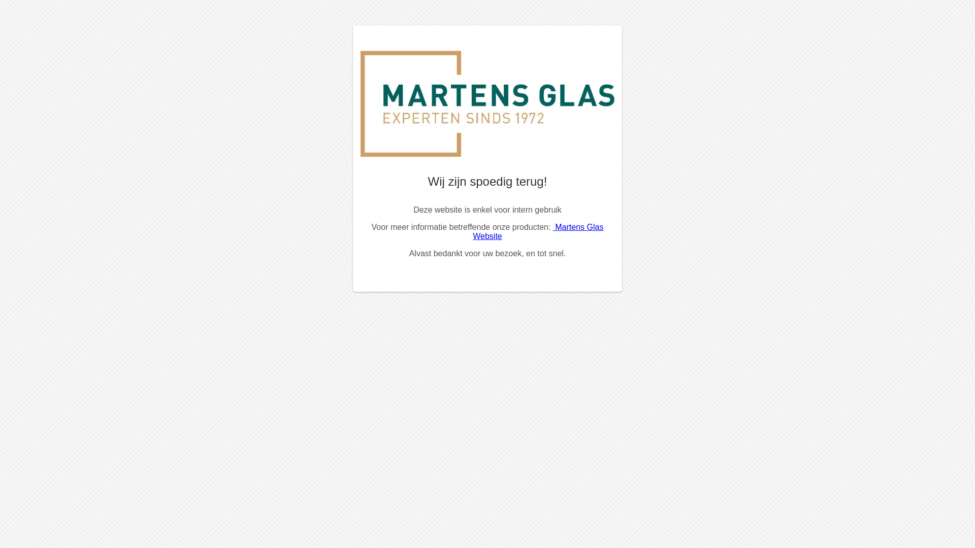  Describe the element at coordinates (537, 231) in the screenshot. I see `' Martens Glas Website'` at that location.